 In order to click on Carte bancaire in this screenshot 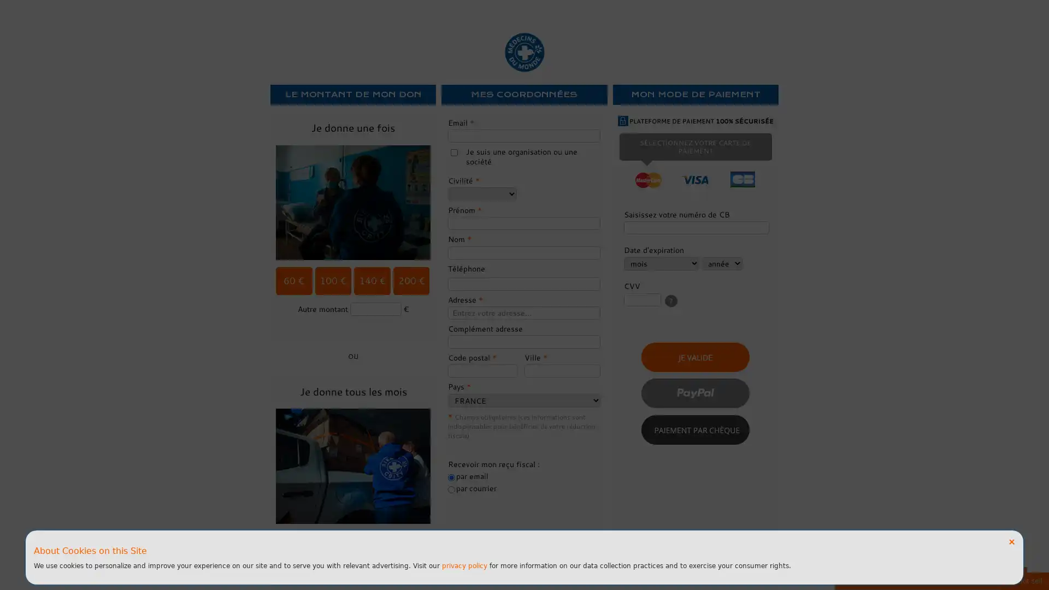, I will do `click(694, 357)`.